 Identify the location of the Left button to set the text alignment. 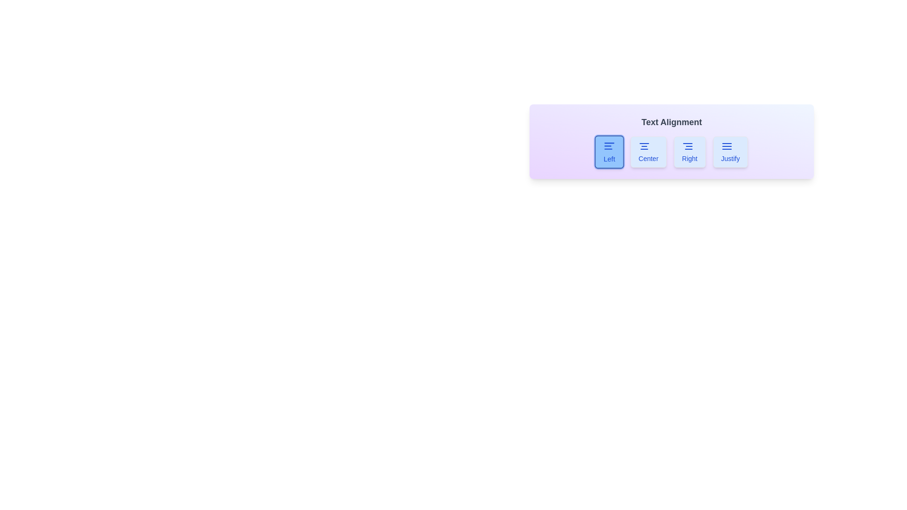
(609, 151).